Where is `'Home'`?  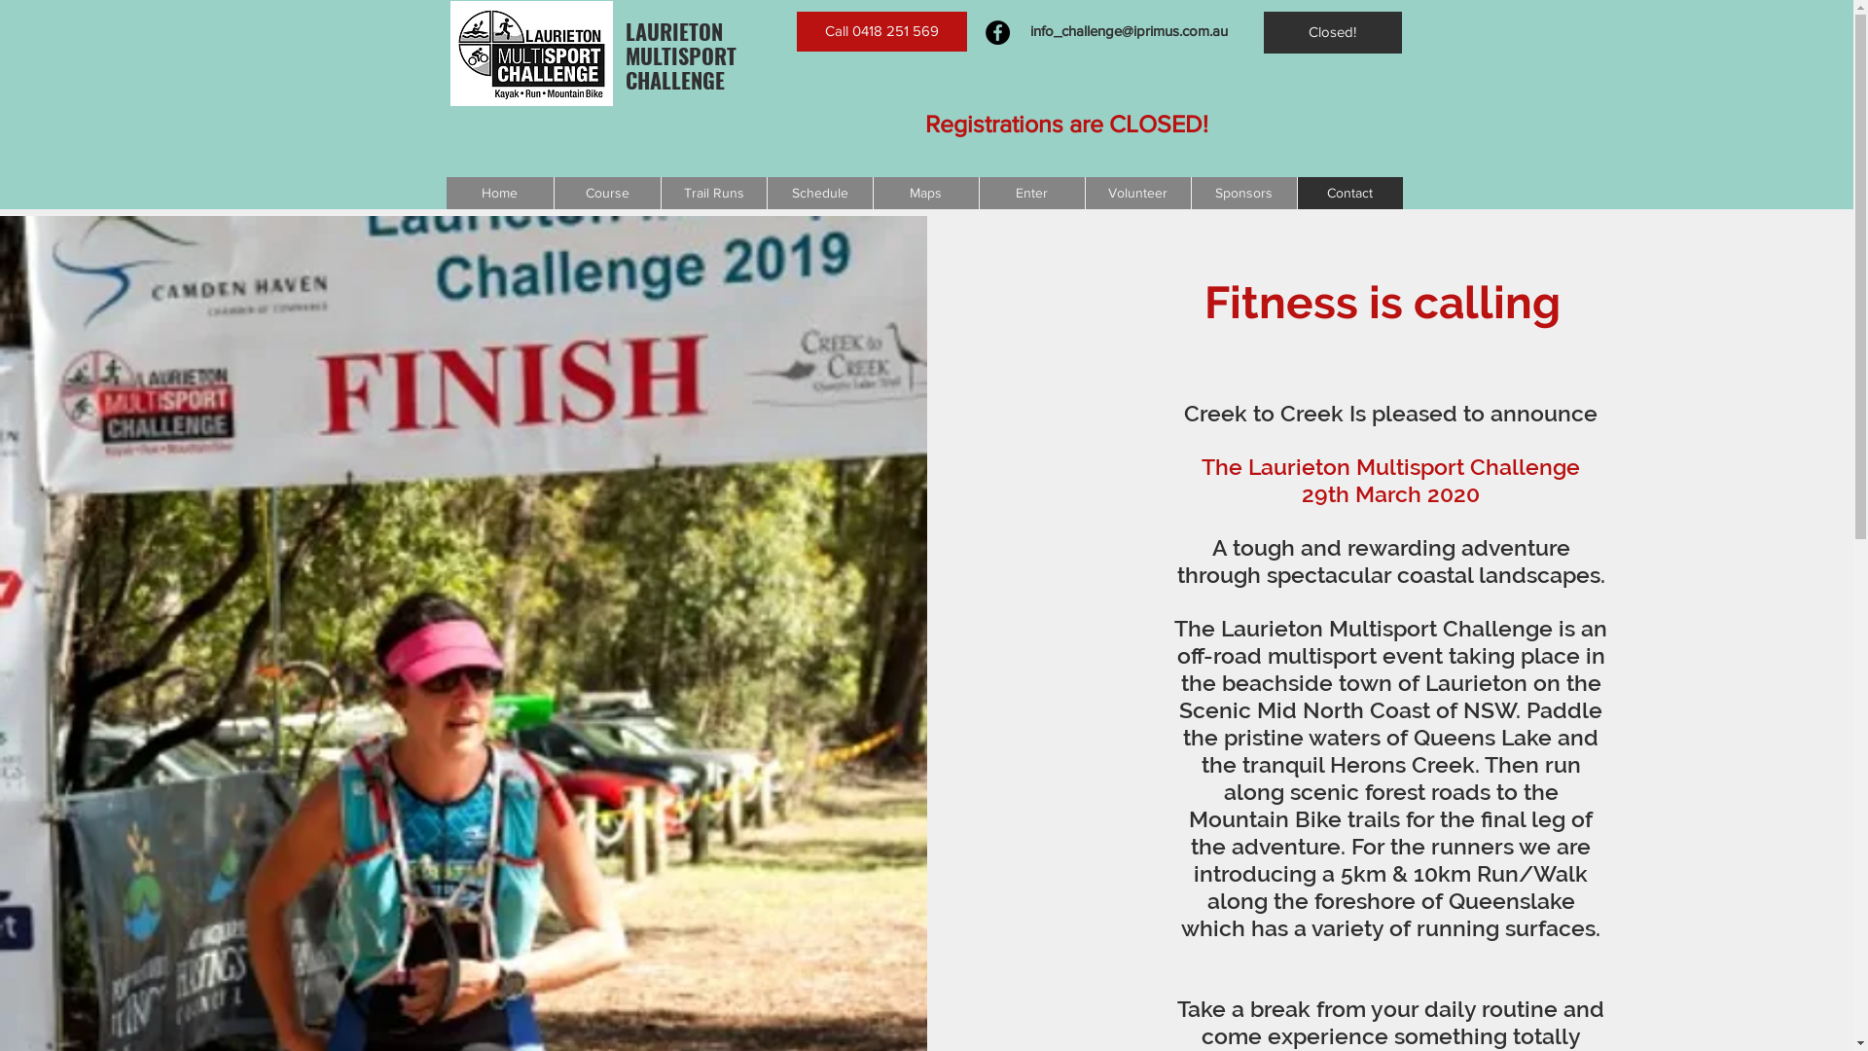
'Home' is located at coordinates (499, 193).